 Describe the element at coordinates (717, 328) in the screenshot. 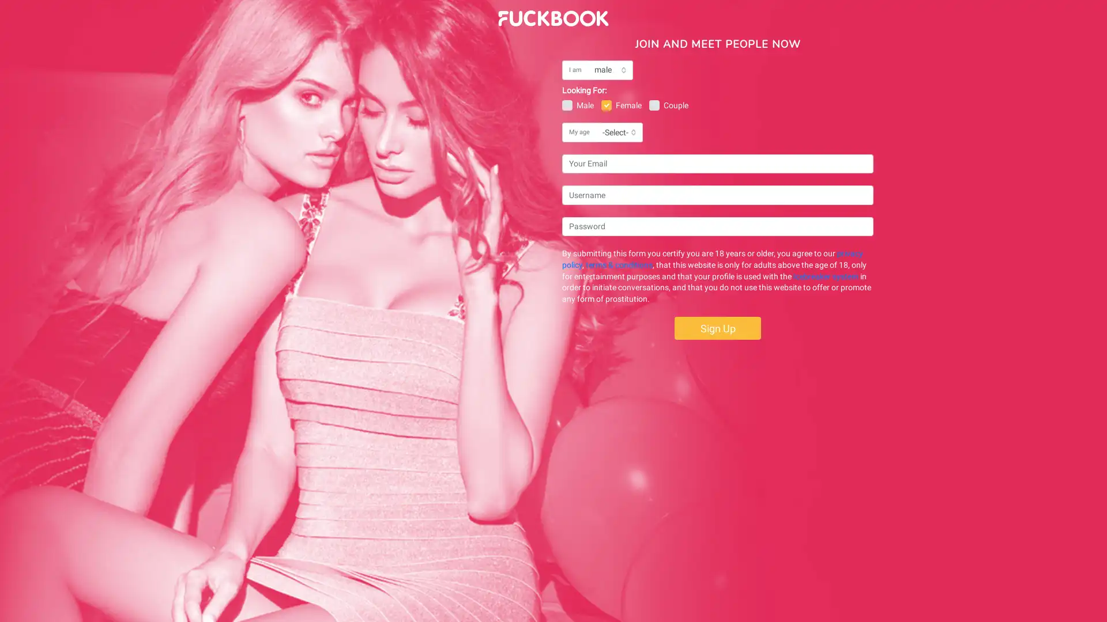

I see `Sign Up` at that location.